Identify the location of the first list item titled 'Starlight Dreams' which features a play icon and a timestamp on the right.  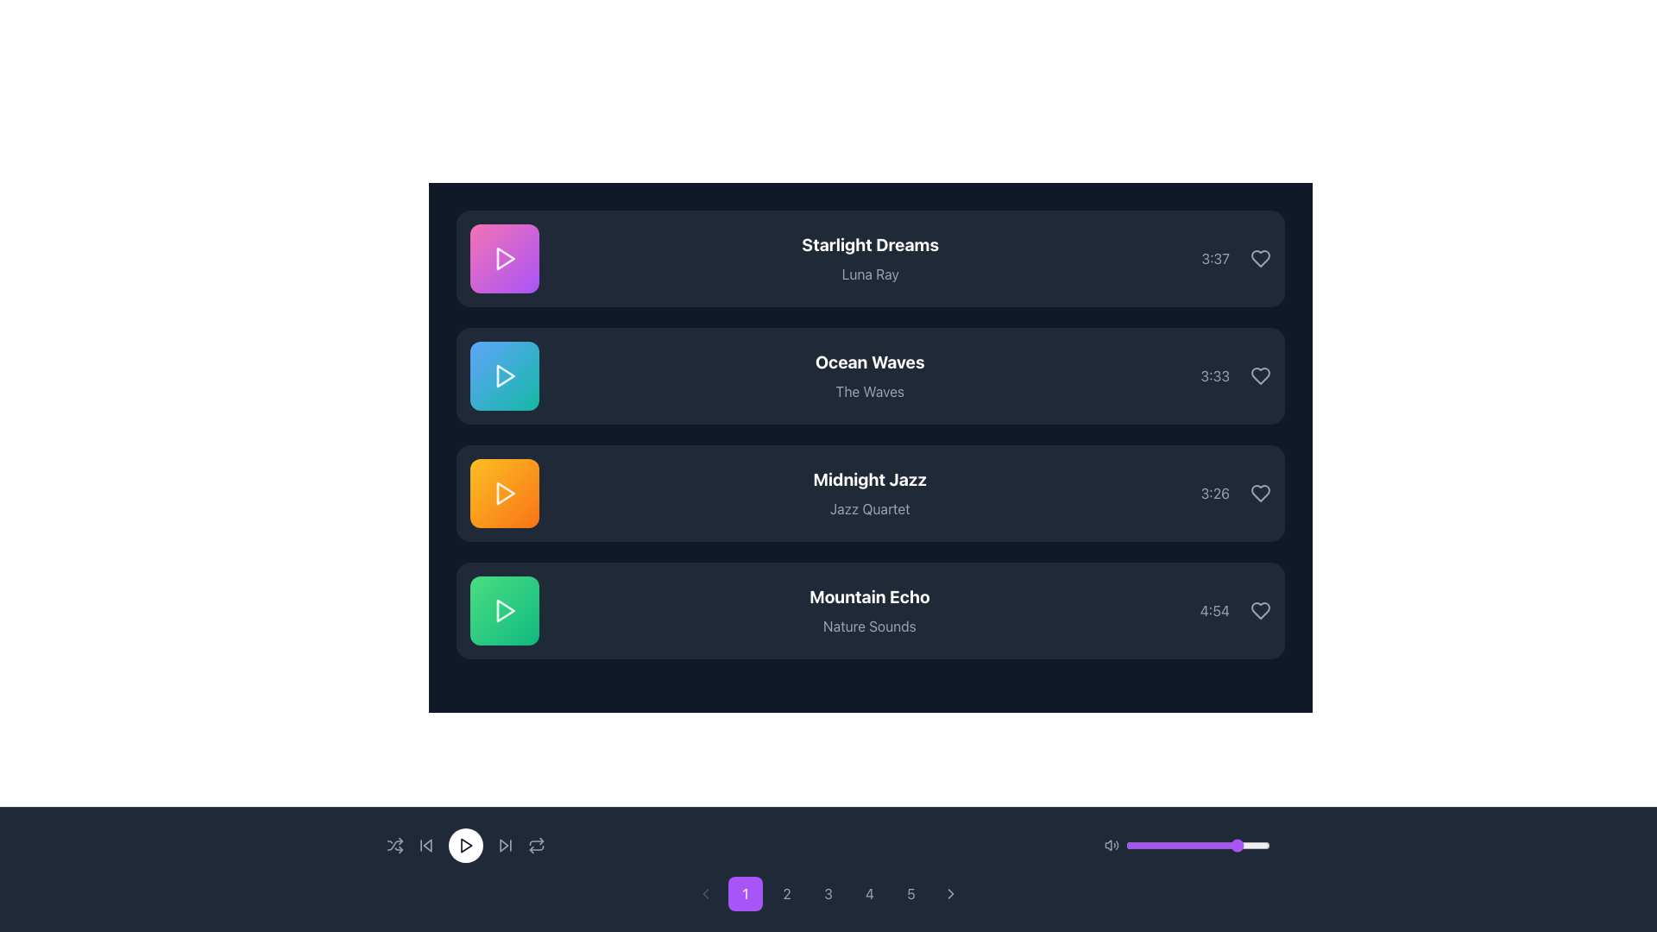
(870, 259).